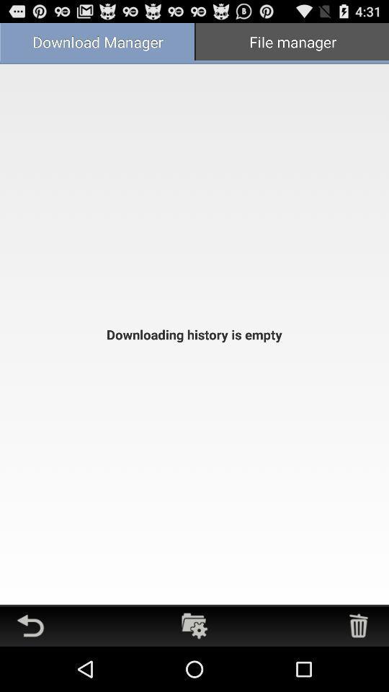  Describe the element at coordinates (30, 625) in the screenshot. I see `go back` at that location.